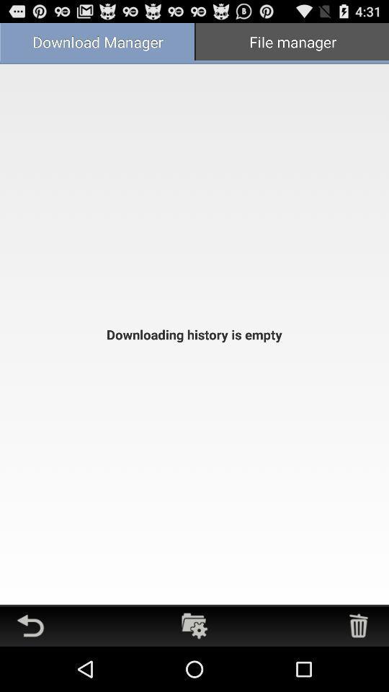  Describe the element at coordinates (30, 625) in the screenshot. I see `go back` at that location.